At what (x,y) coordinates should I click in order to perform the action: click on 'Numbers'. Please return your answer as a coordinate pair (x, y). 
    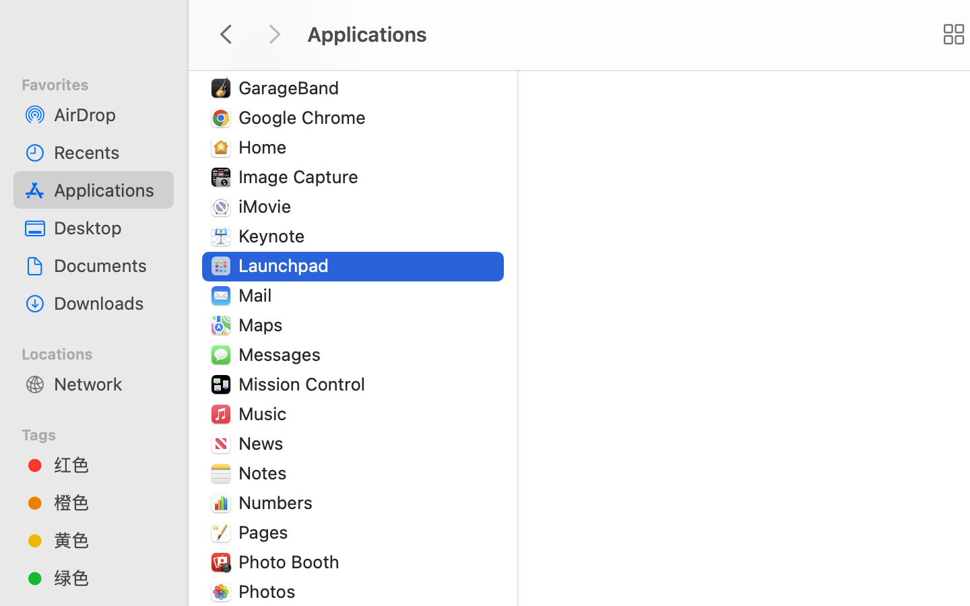
    Looking at the image, I should click on (278, 502).